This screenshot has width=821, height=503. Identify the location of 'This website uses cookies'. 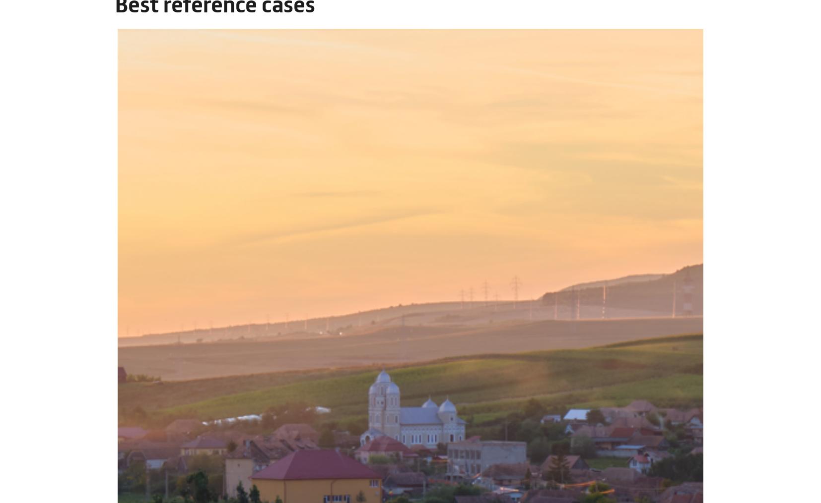
(203, 372).